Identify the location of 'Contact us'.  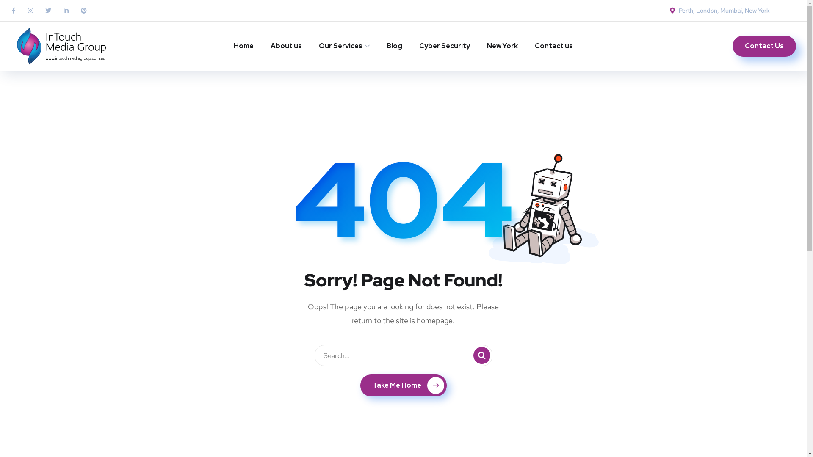
(554, 46).